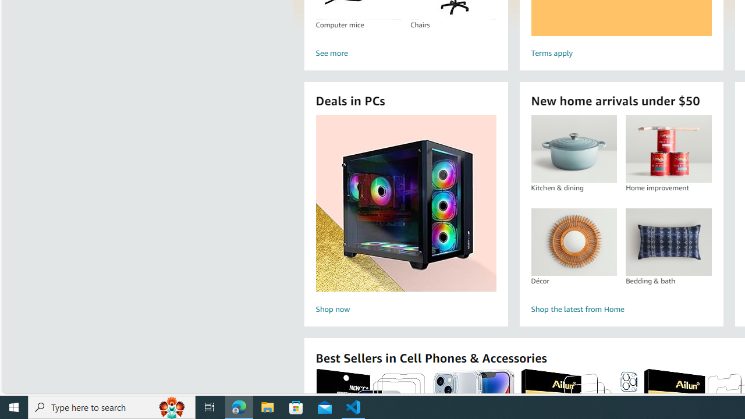 This screenshot has width=745, height=419. Describe the element at coordinates (406, 216) in the screenshot. I see `'Deals in PCs Shop now'` at that location.